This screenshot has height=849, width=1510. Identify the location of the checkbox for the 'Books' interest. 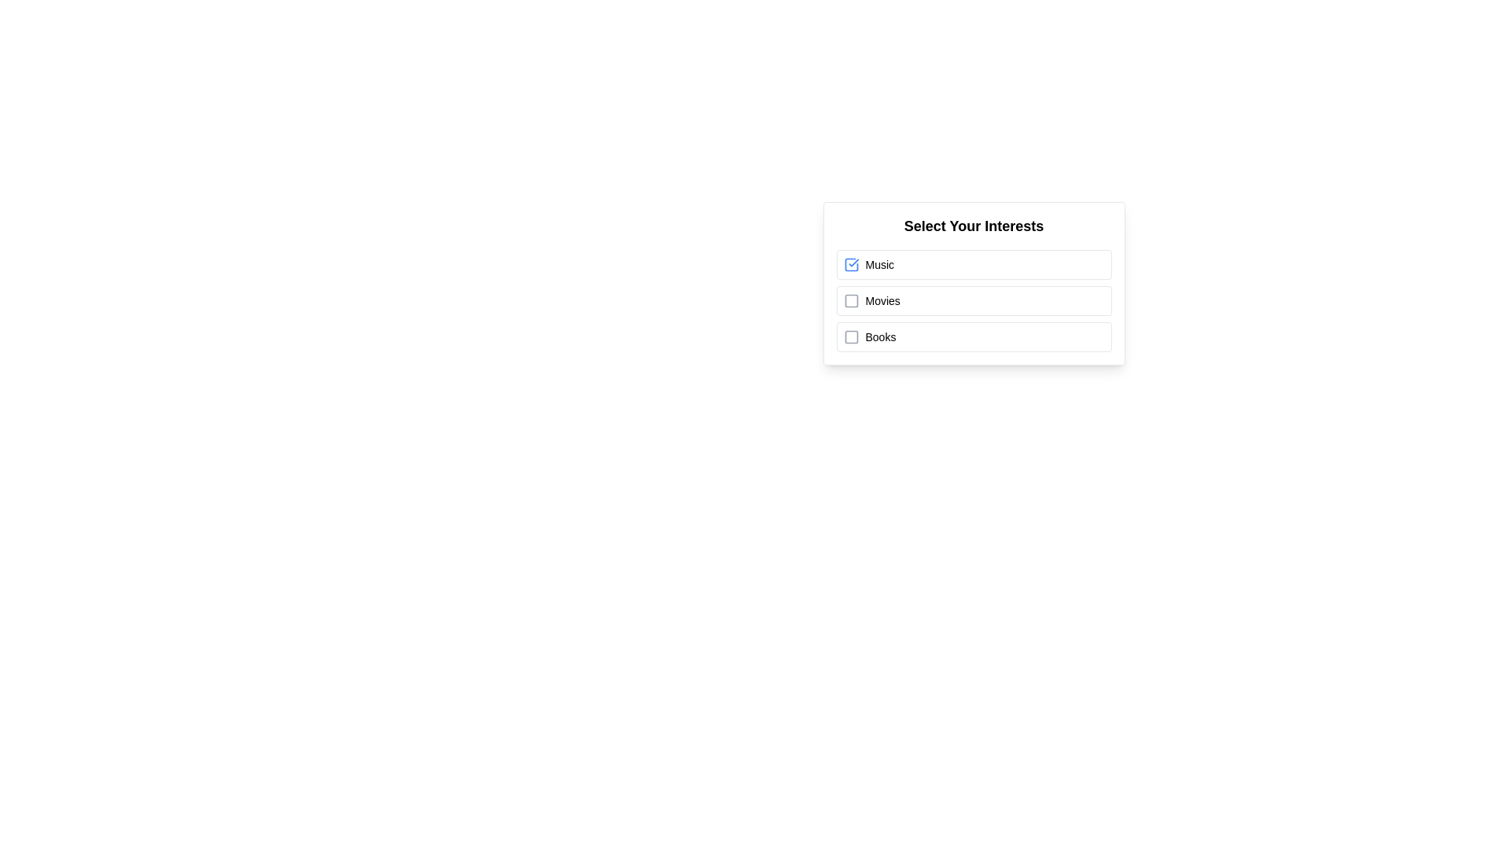
(850, 336).